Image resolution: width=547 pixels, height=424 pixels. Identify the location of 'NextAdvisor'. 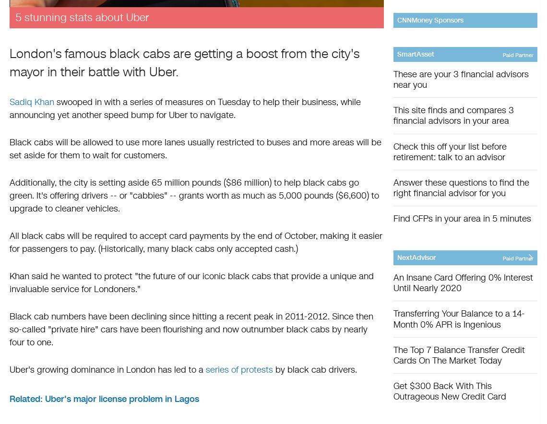
(416, 258).